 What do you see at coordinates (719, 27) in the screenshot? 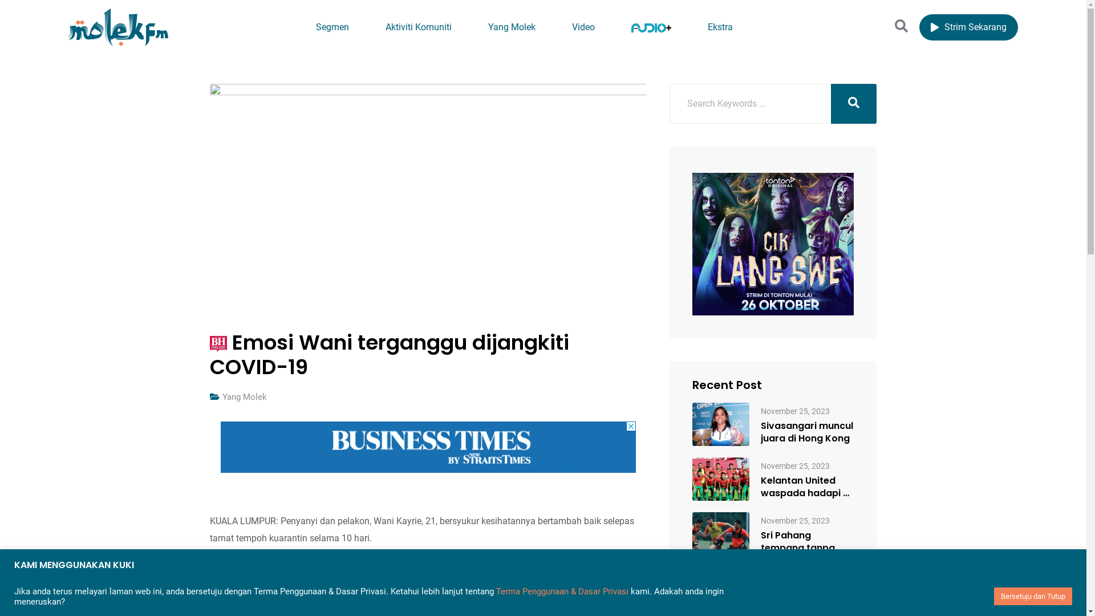
I see `'Ekstra'` at bounding box center [719, 27].